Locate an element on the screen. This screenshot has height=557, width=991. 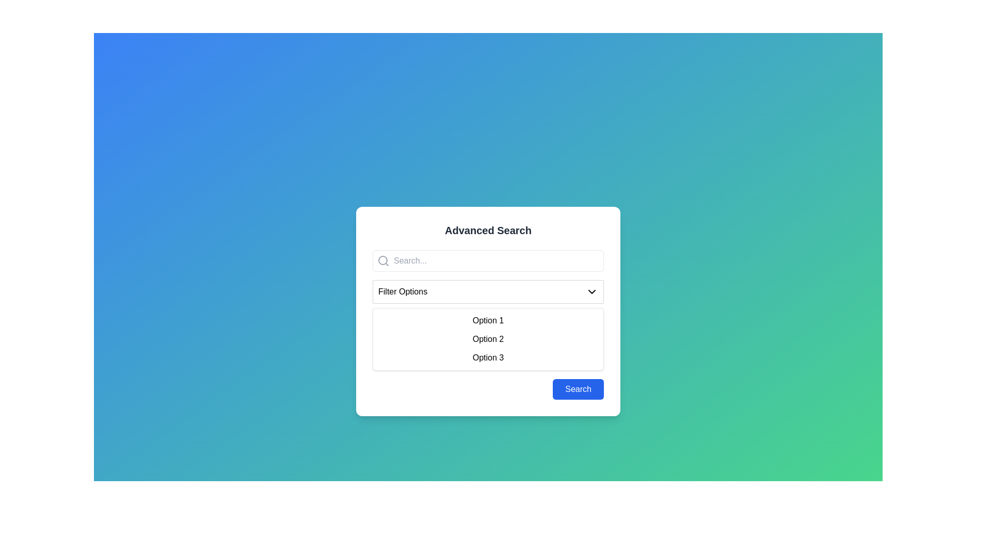
to select the list item labeled 'Option 2', which is the second item in a vertically stacked list under the 'Filter Options' dropdown menu is located at coordinates (487, 339).